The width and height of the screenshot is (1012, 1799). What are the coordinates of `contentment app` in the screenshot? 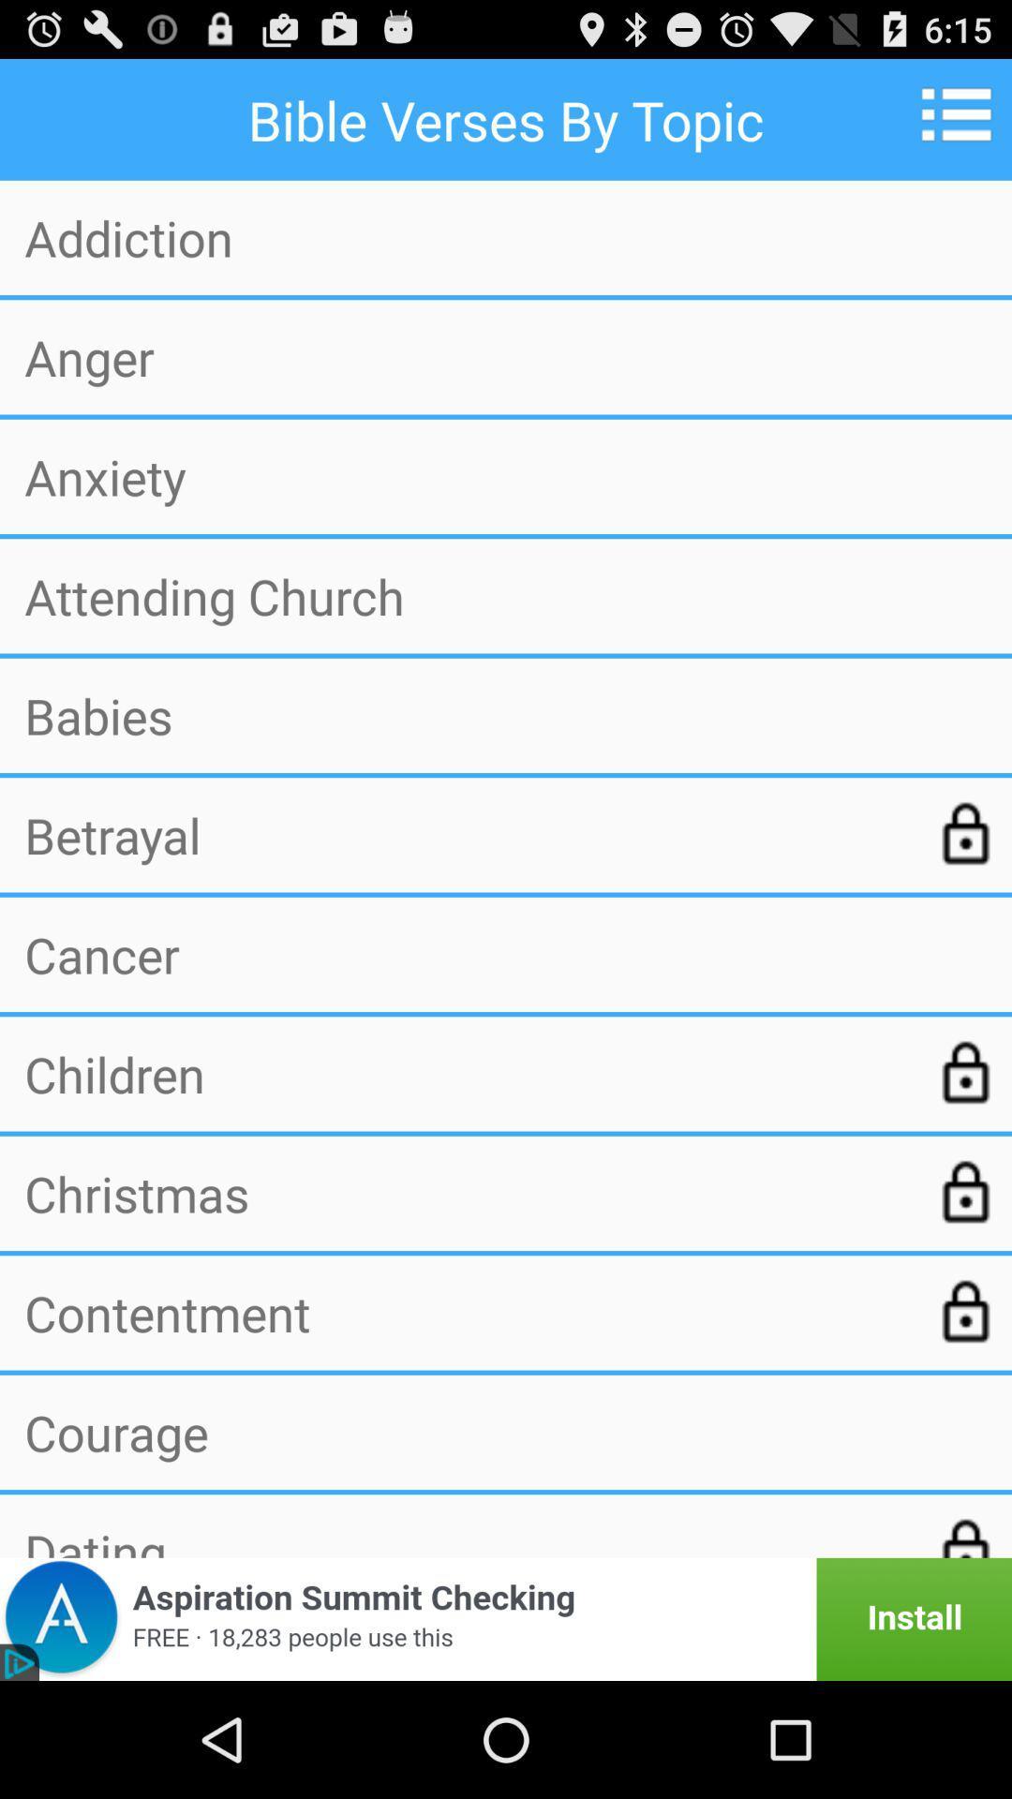 It's located at (465, 1312).